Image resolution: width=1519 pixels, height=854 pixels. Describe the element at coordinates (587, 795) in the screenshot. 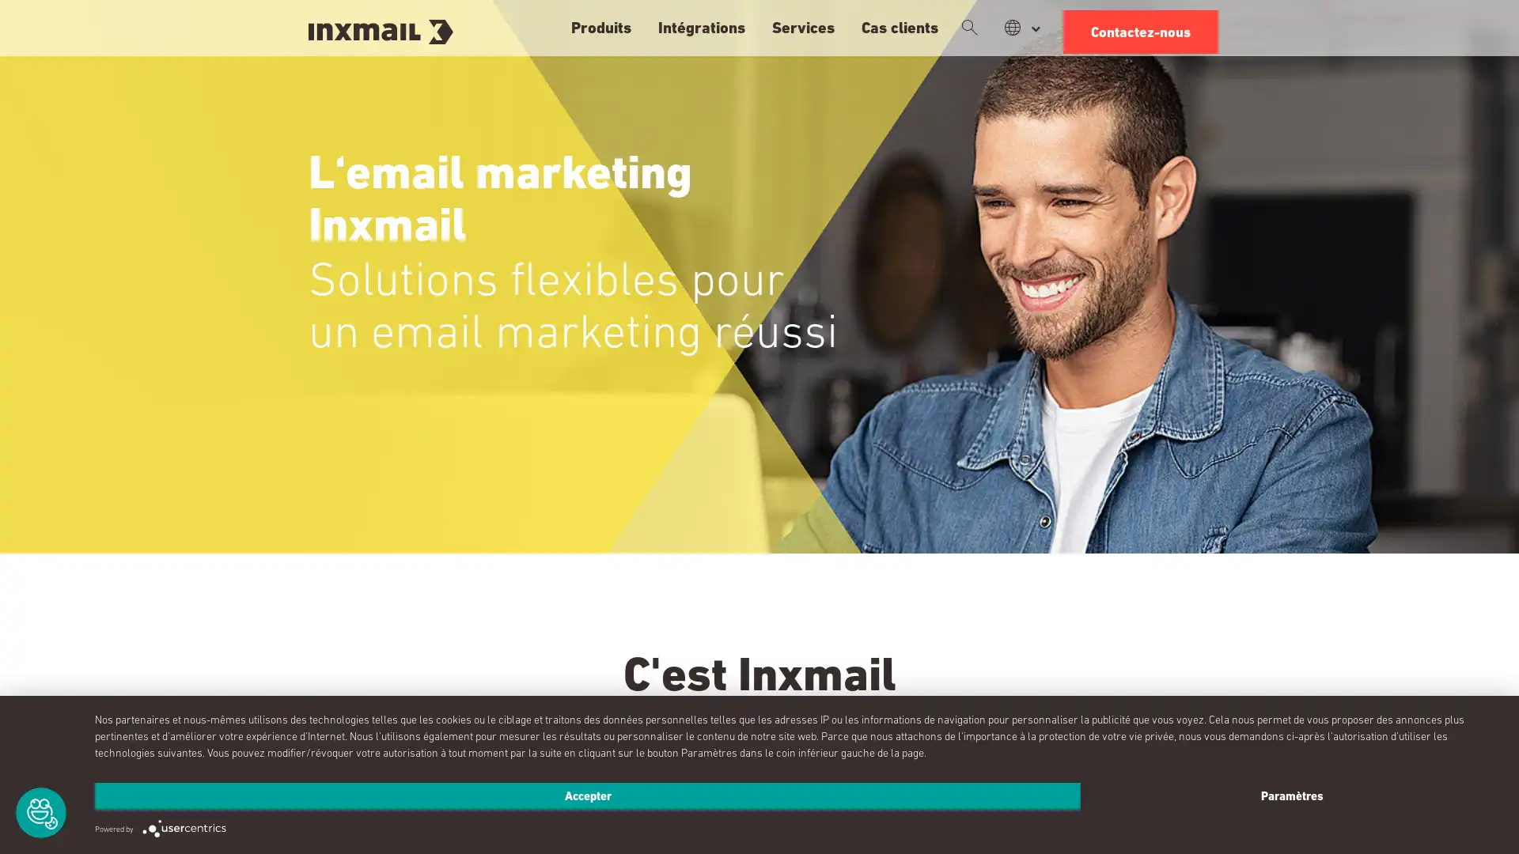

I see `Accepter` at that location.